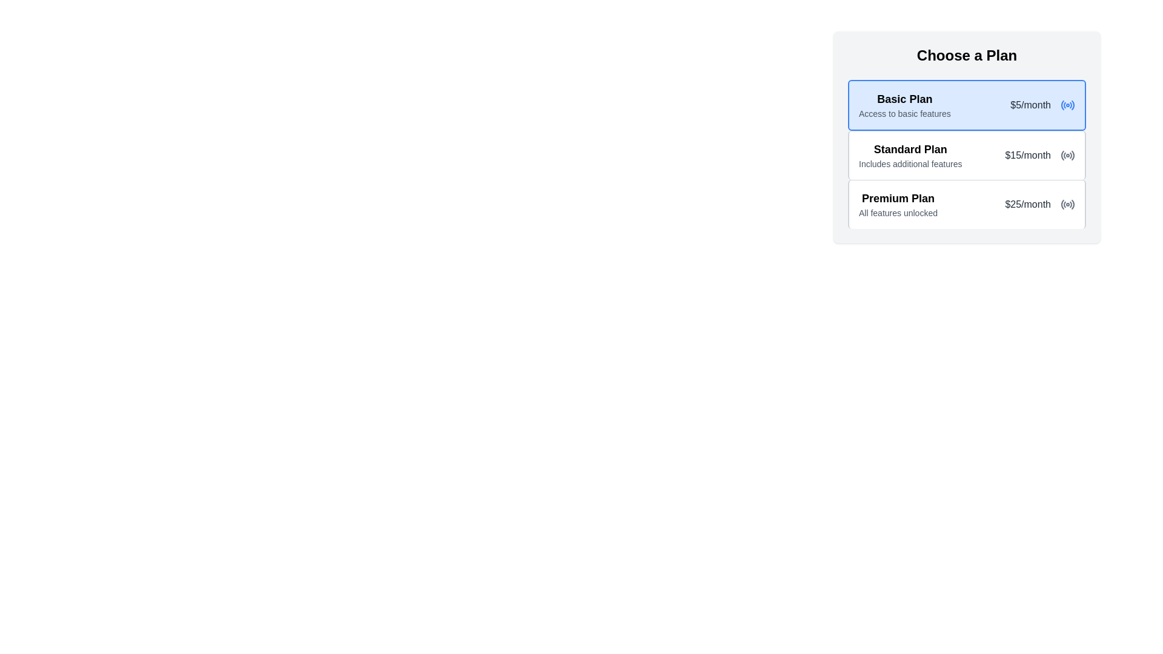  What do you see at coordinates (1039, 155) in the screenshot?
I see `the text details of the 'Standard Plan' cost located at the right edge of the 'Standard Plan' section in the pricing plans list` at bounding box center [1039, 155].